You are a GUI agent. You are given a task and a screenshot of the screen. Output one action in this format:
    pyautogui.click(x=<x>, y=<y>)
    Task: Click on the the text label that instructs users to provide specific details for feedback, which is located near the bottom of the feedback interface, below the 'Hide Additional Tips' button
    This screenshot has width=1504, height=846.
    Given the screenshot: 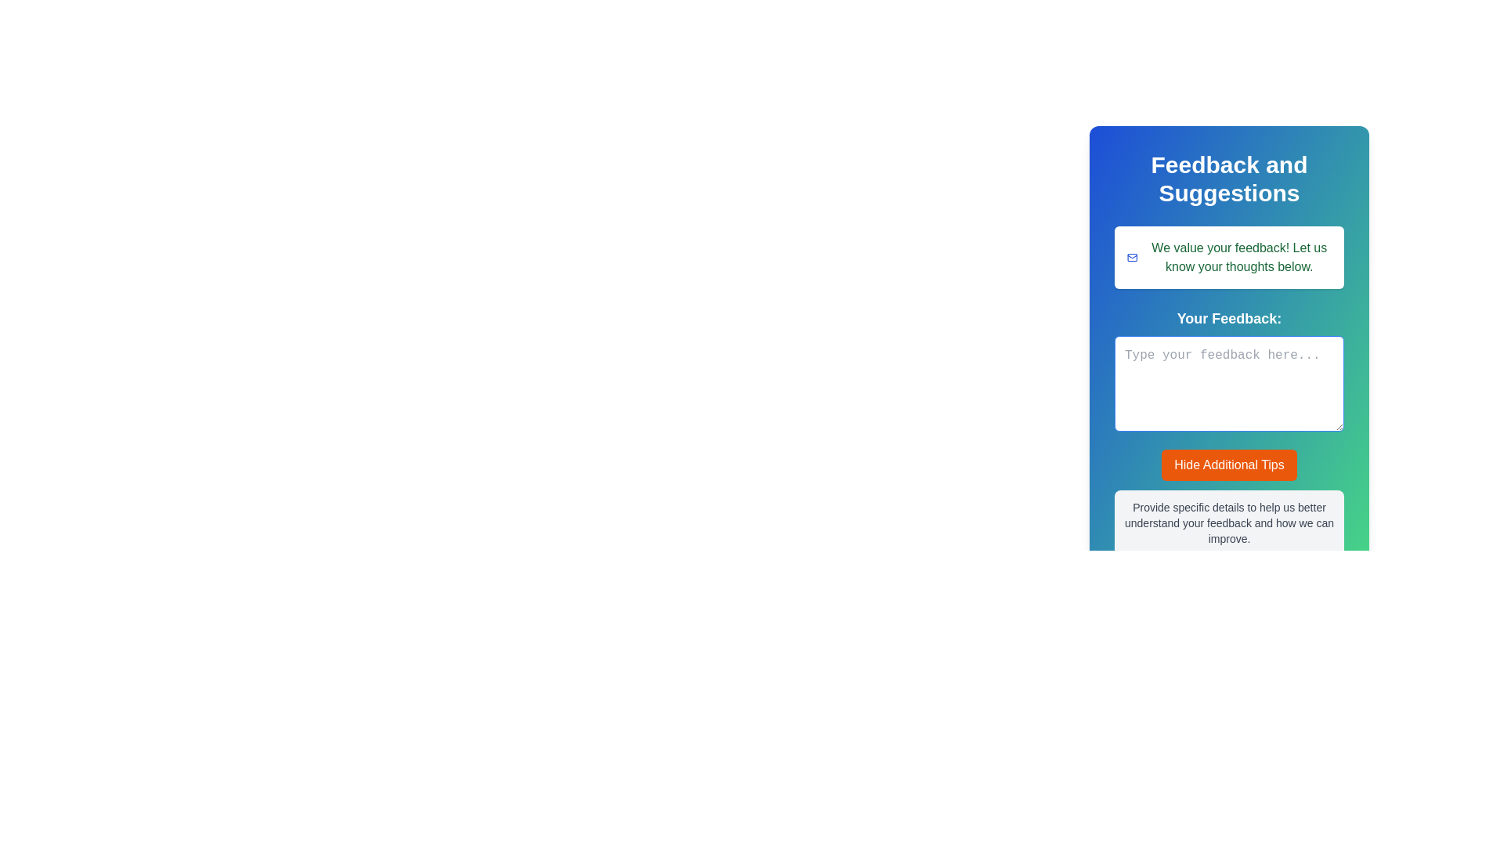 What is the action you would take?
    pyautogui.click(x=1228, y=522)
    